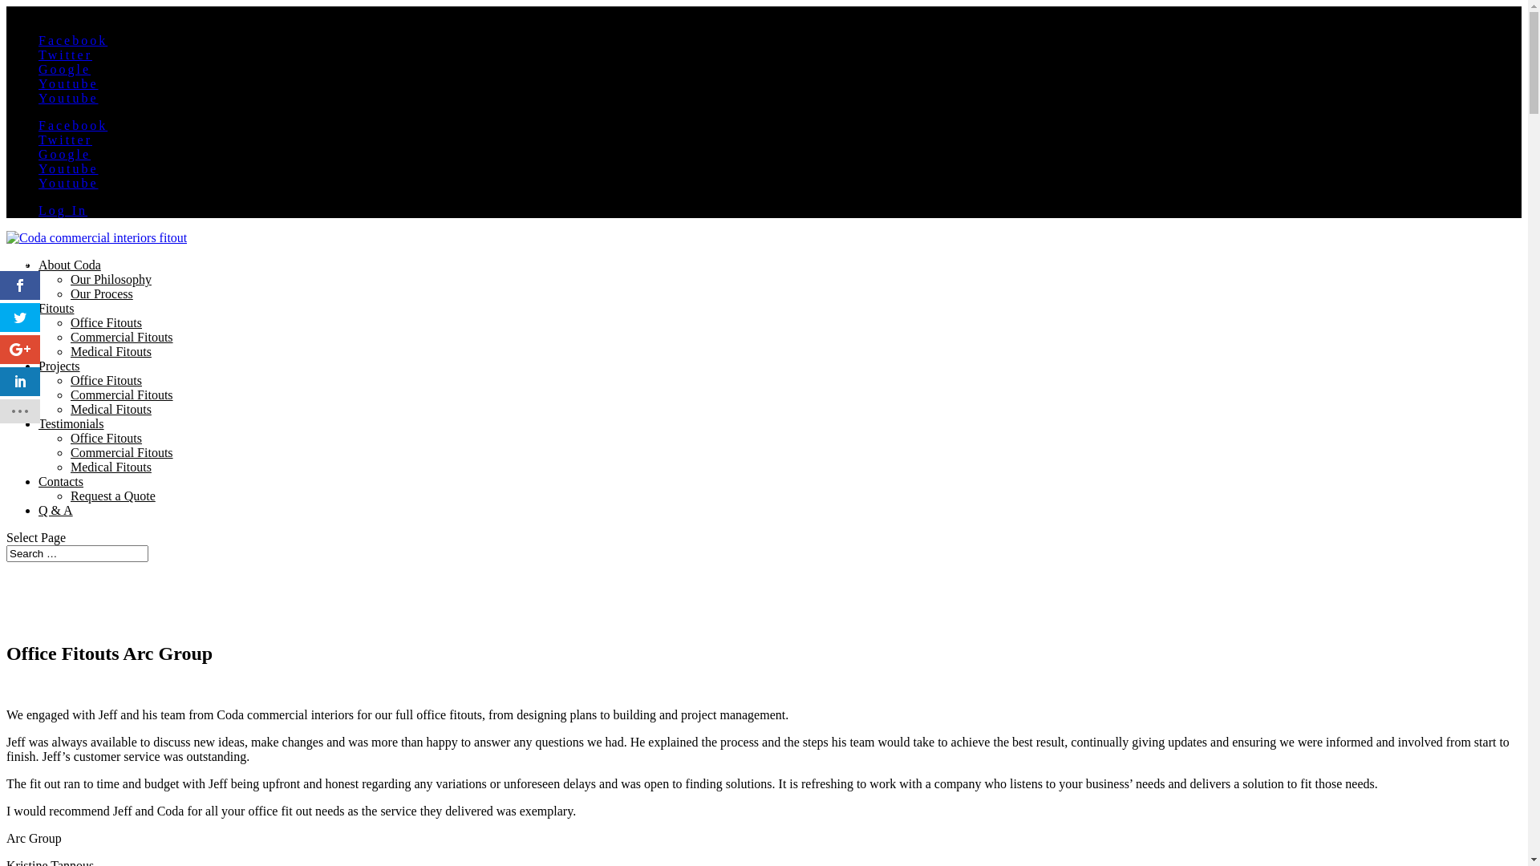 The width and height of the screenshot is (1540, 866). What do you see at coordinates (38, 83) in the screenshot?
I see `'Youtube'` at bounding box center [38, 83].